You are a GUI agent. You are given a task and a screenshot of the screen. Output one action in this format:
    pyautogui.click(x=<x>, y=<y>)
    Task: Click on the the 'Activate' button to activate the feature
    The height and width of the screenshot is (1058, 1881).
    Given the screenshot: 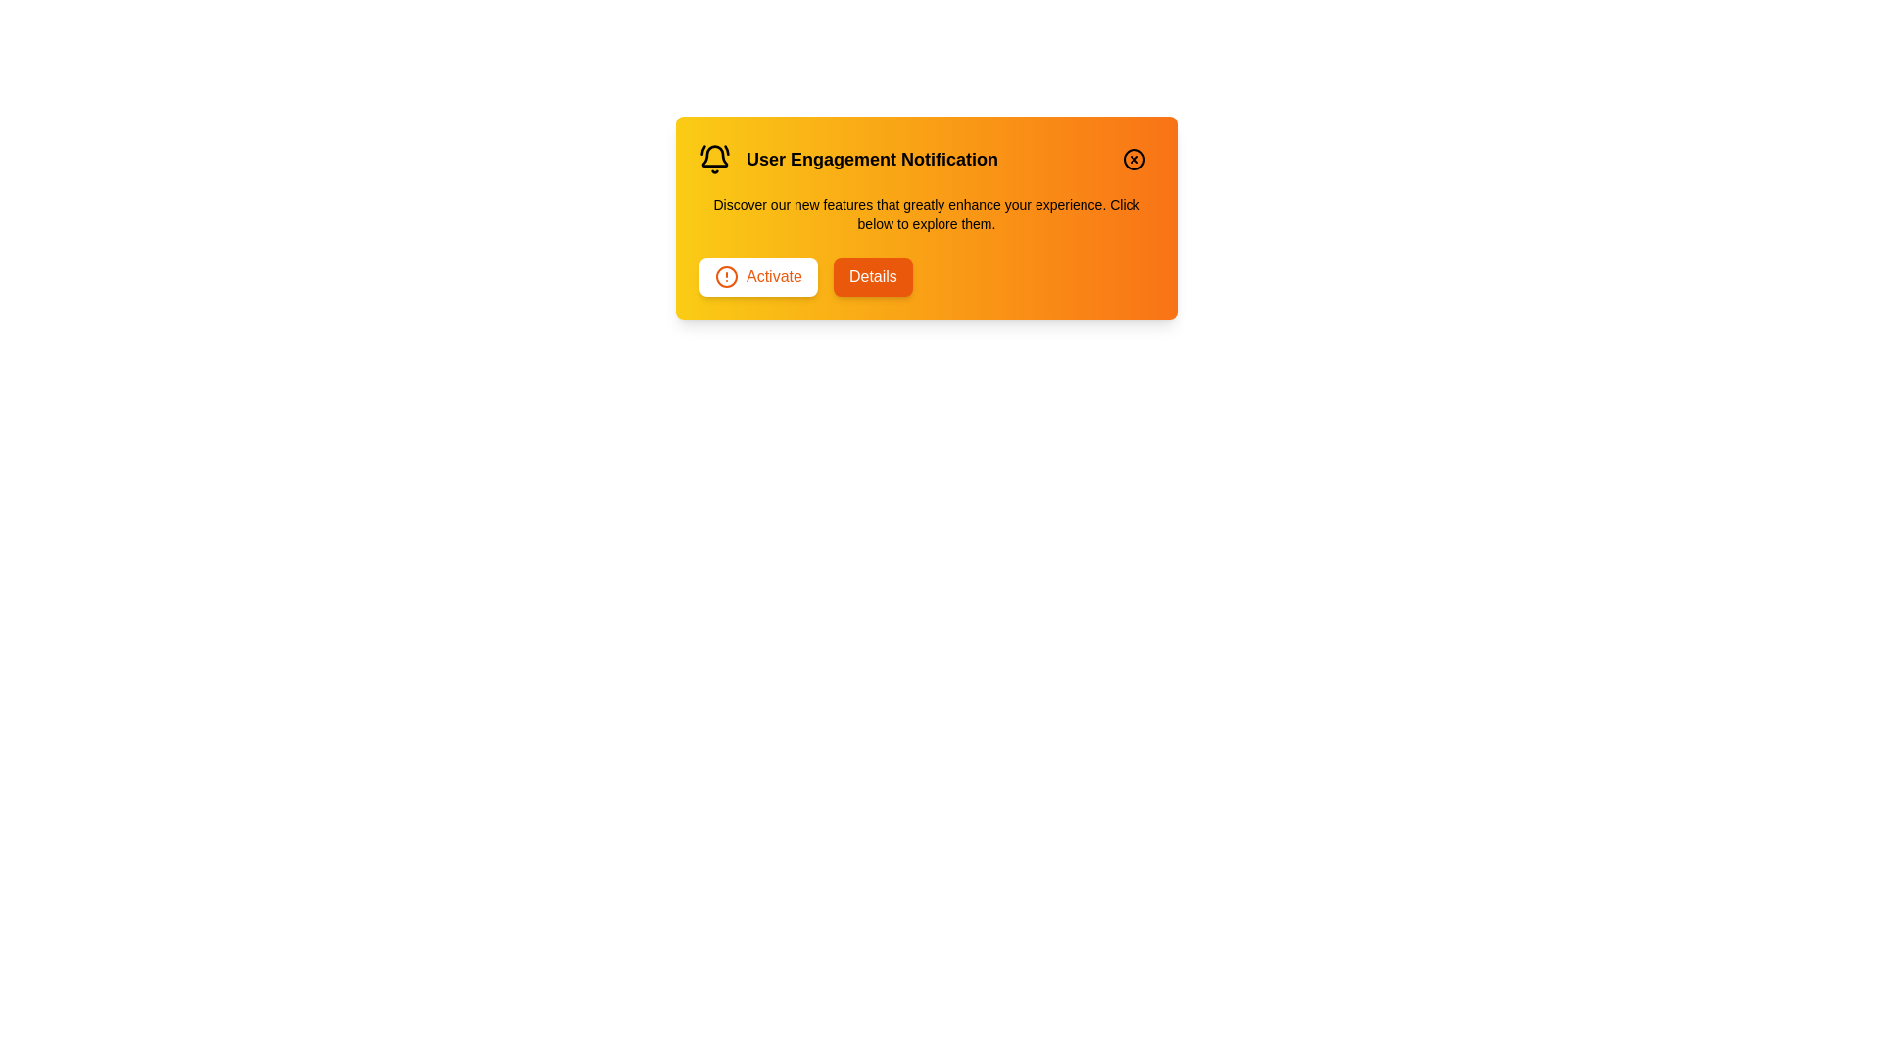 What is the action you would take?
    pyautogui.click(x=756, y=276)
    